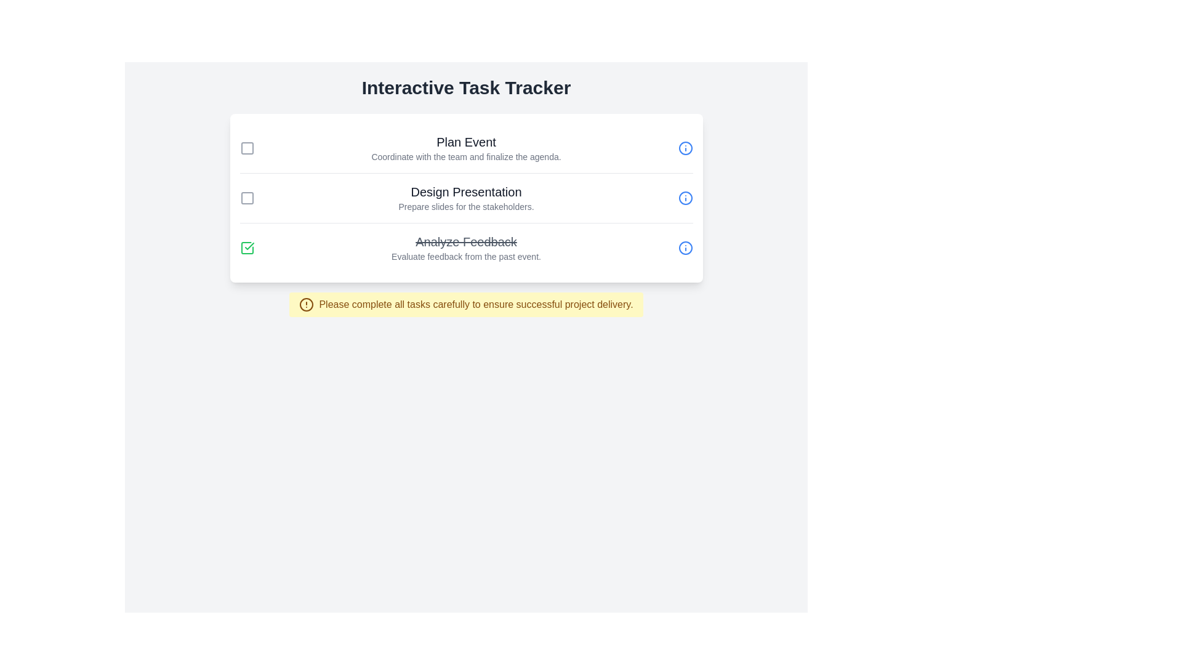  What do you see at coordinates (685, 197) in the screenshot?
I see `the info icon for the task titled 'Design Presentation' to view its details` at bounding box center [685, 197].